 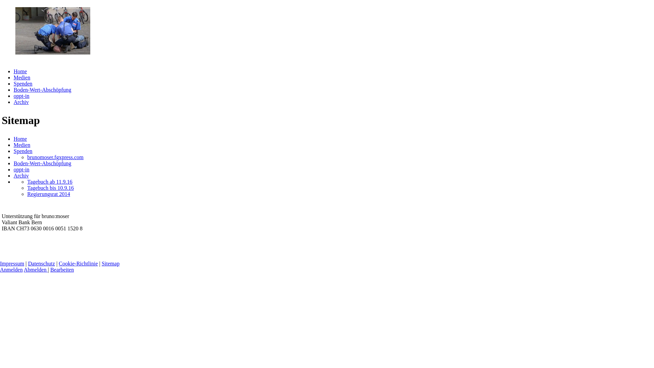 I want to click on 'Anmelden', so click(x=11, y=269).